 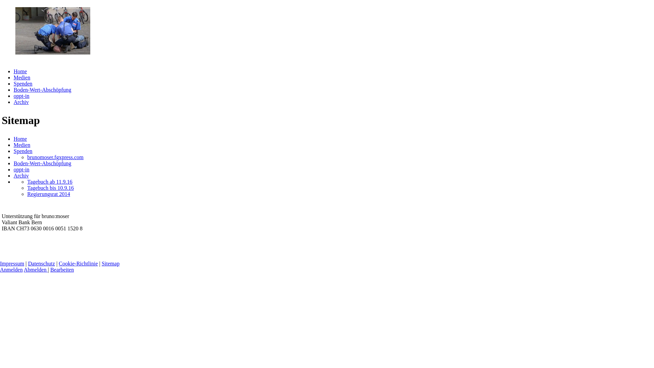 I want to click on 'Anmelden', so click(x=11, y=269).